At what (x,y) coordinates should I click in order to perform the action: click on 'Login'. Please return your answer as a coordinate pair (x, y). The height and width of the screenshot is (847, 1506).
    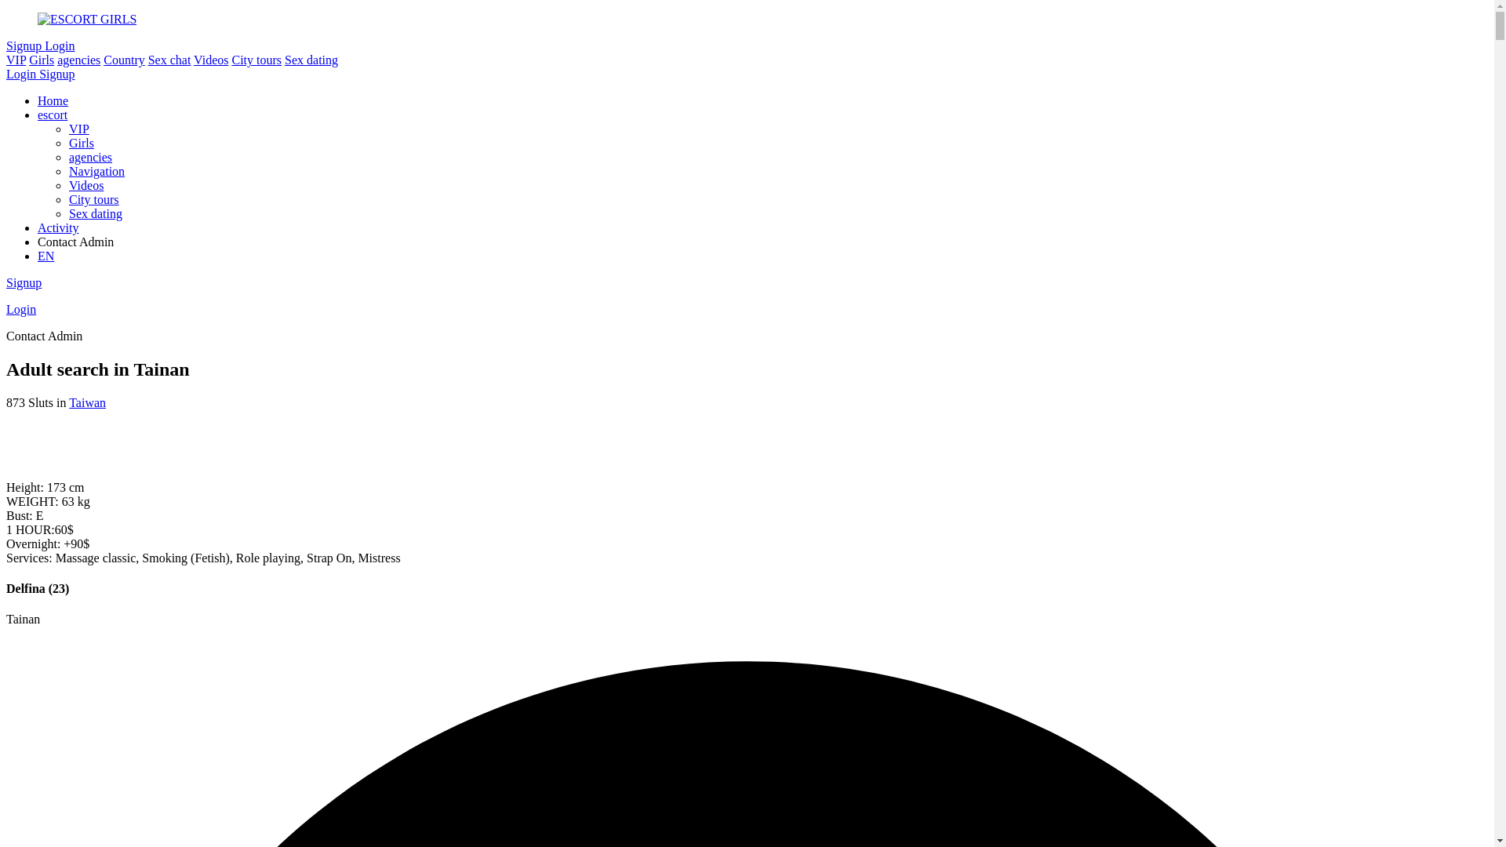
    Looking at the image, I should click on (60, 45).